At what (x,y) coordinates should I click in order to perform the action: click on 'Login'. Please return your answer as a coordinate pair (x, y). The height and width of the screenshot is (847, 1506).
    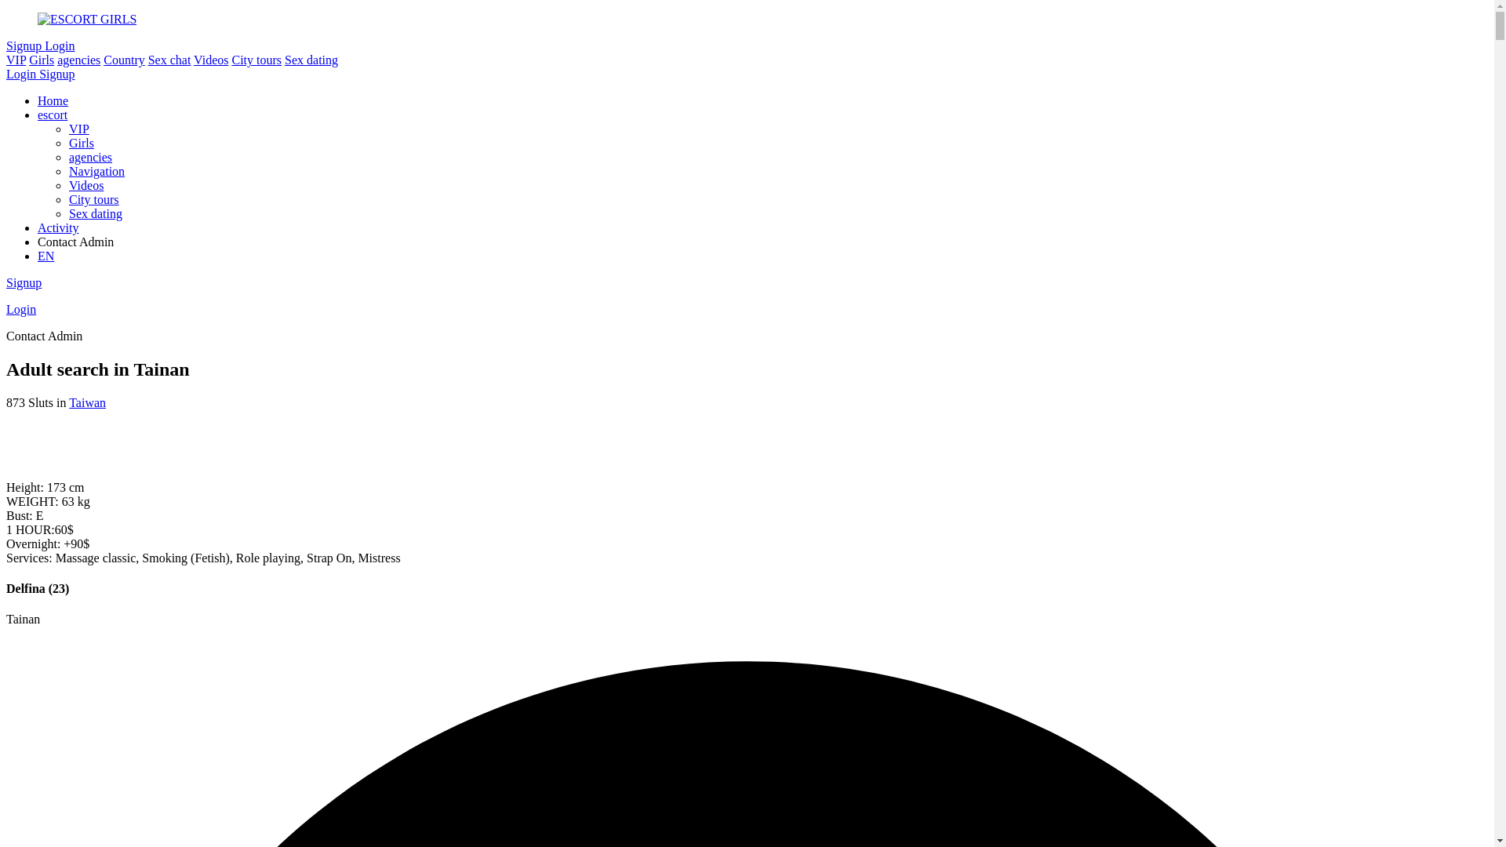
    Looking at the image, I should click on (60, 45).